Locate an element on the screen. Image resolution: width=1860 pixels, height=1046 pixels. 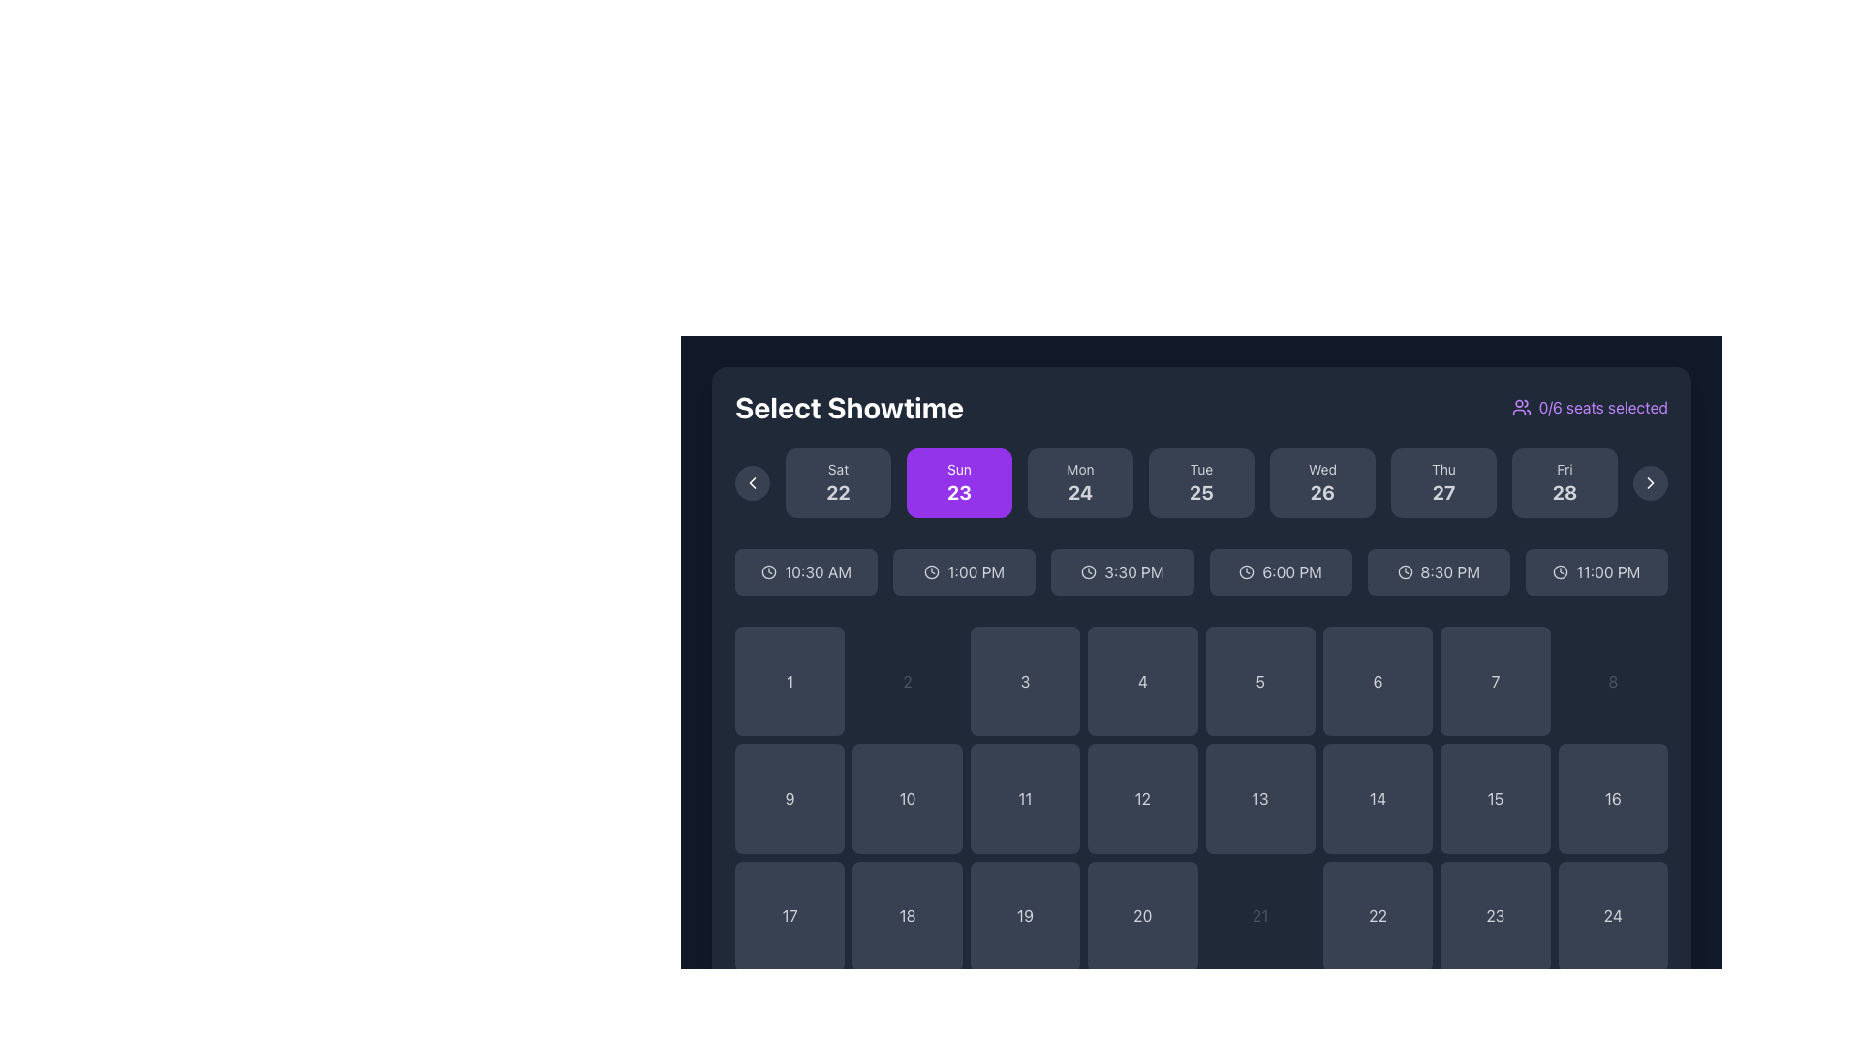
the square button with rounded corners and the text '23' centered within it, which has a dark gray background and is located in the third row of a grid of buttons is located at coordinates (1494, 915).